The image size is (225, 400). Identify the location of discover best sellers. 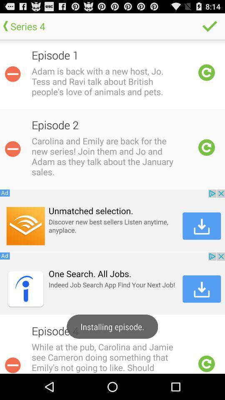
(112, 220).